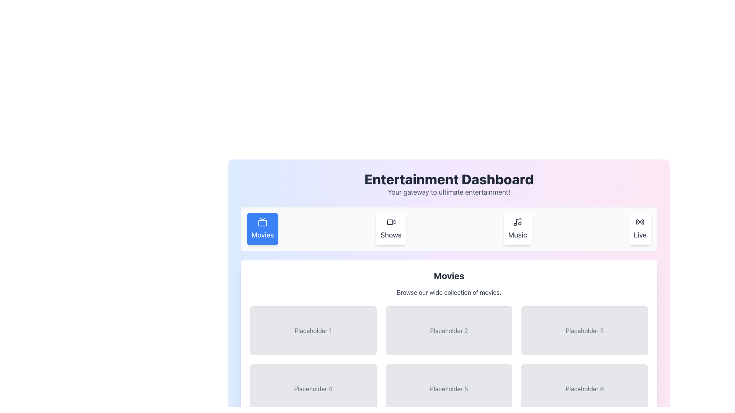 The height and width of the screenshot is (413, 735). Describe the element at coordinates (449, 184) in the screenshot. I see `the Textual Header banner that serves as the title and purpose of the interface, located near the top of the page` at that location.